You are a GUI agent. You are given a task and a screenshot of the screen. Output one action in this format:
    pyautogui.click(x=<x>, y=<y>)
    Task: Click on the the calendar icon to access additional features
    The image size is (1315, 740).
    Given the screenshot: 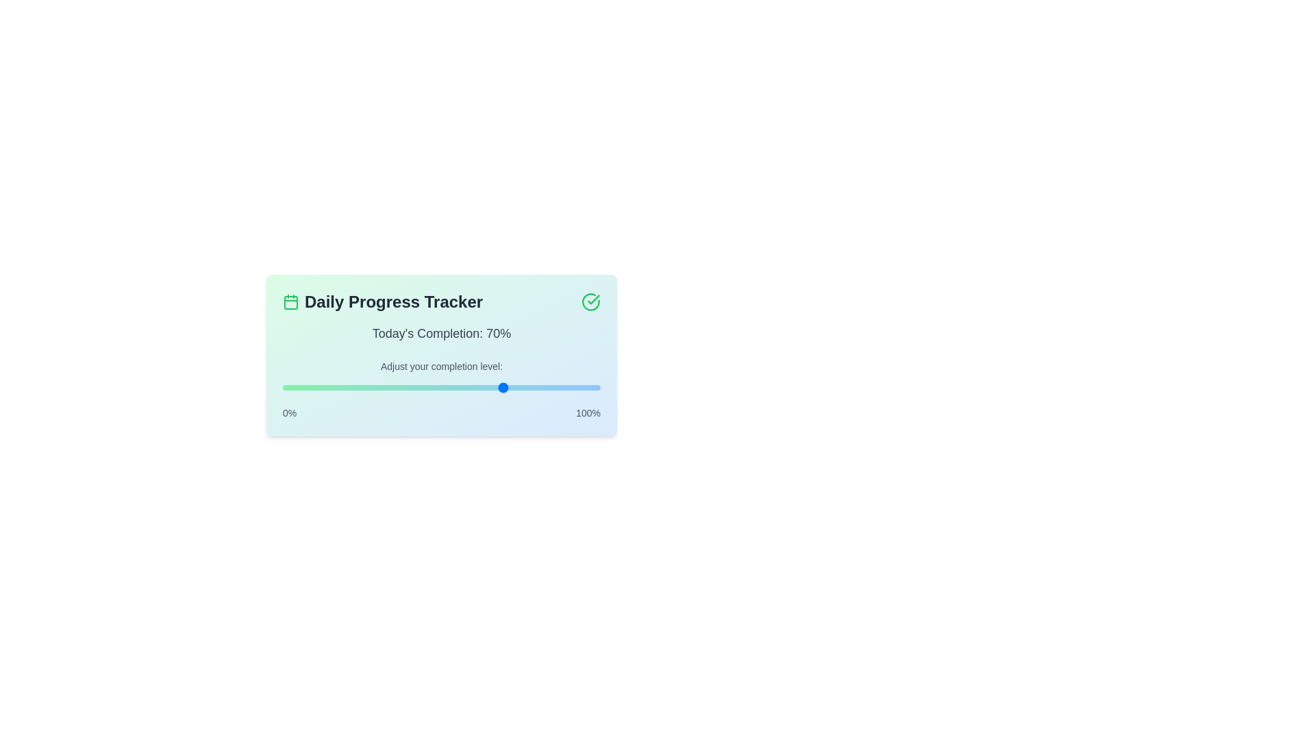 What is the action you would take?
    pyautogui.click(x=290, y=301)
    